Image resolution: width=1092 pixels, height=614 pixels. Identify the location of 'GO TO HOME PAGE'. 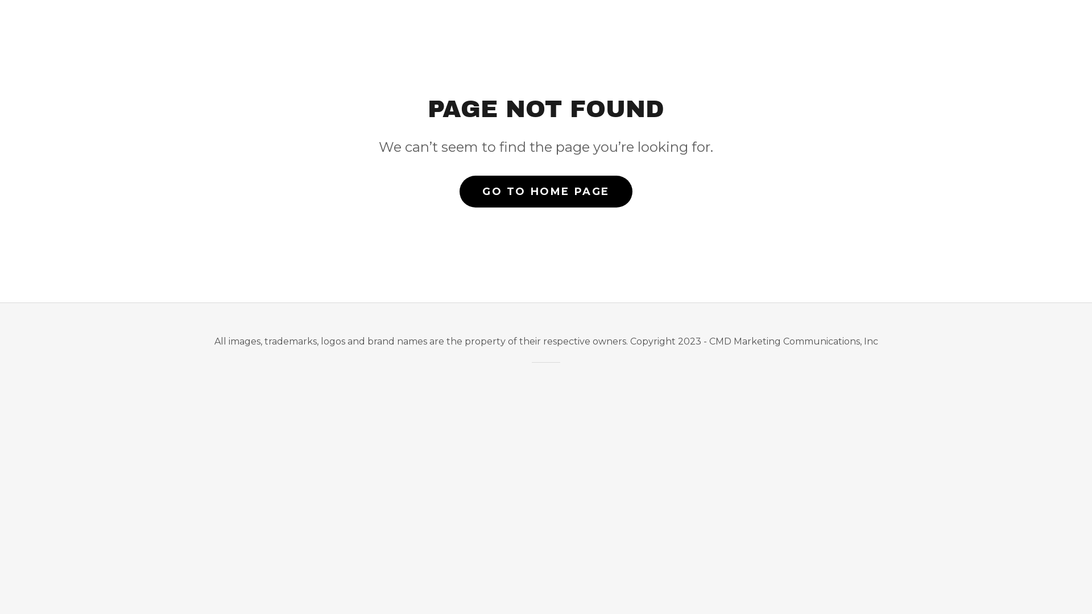
(546, 190).